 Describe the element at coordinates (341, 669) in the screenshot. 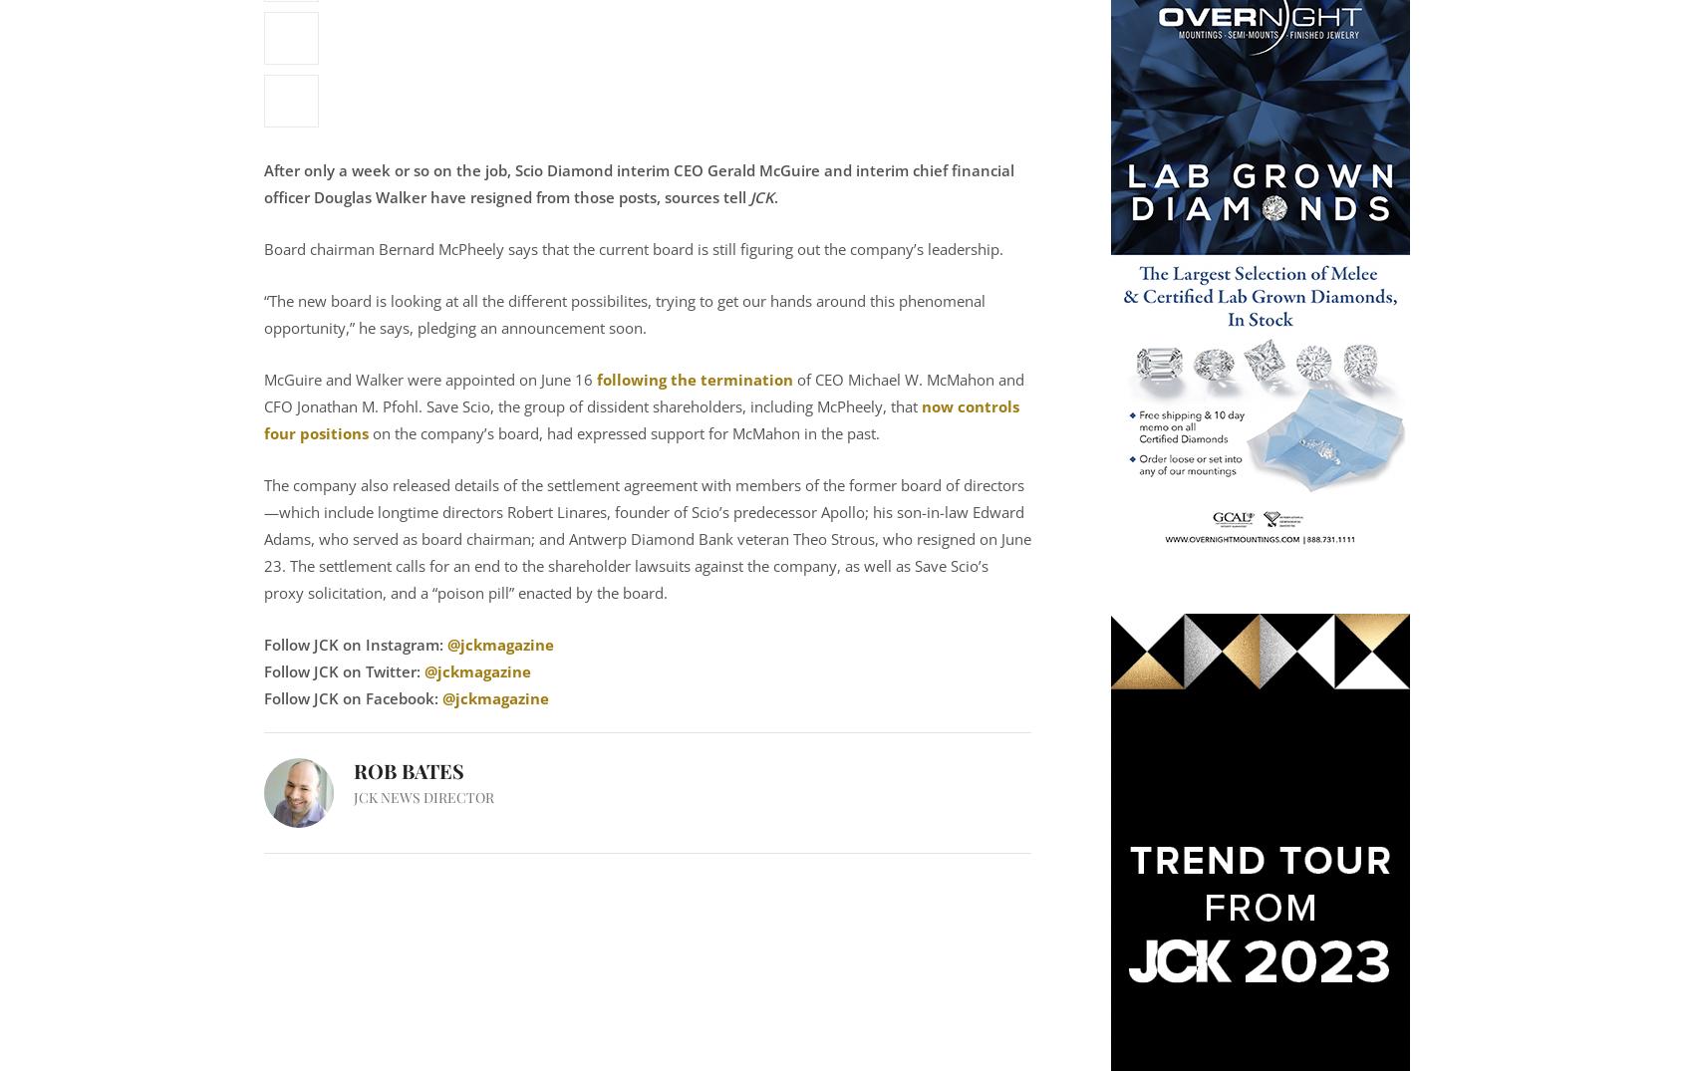

I see `'Follow JCK on Twitter:'` at that location.